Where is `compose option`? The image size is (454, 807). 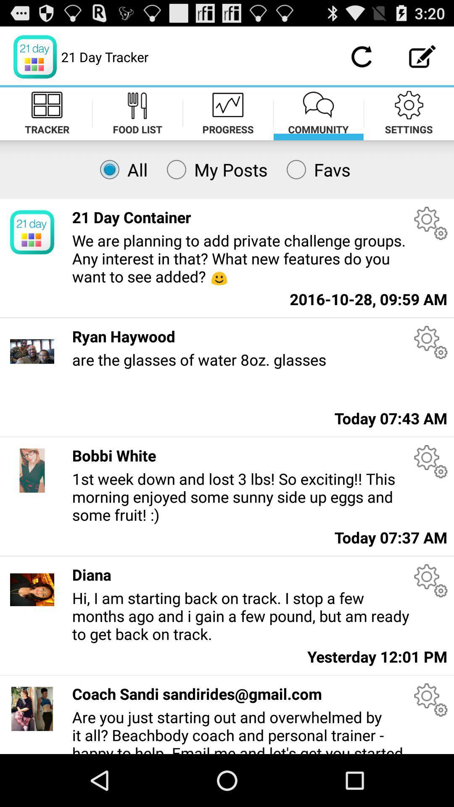
compose option is located at coordinates (423, 56).